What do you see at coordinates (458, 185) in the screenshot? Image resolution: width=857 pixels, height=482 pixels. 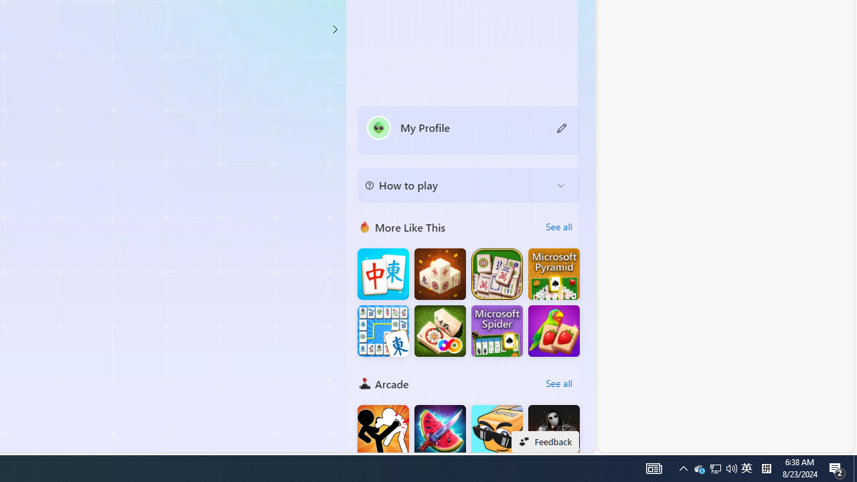 I see `'How to play'` at bounding box center [458, 185].